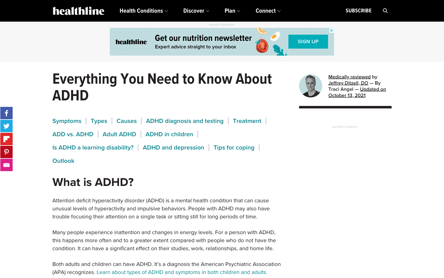  What do you see at coordinates (385, 11) in the screenshot?
I see `Use the search engine to explore more about Insomnia` at bounding box center [385, 11].